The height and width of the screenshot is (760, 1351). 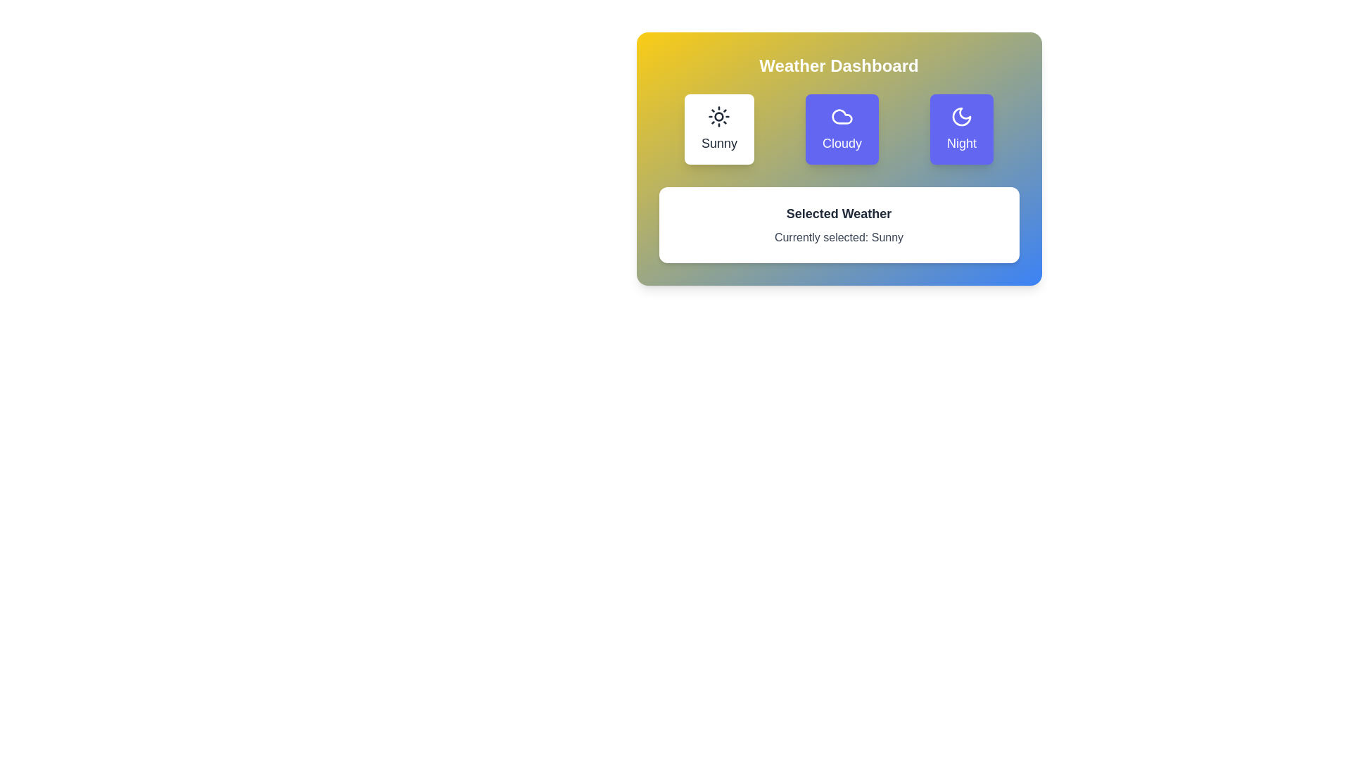 What do you see at coordinates (842, 115) in the screenshot?
I see `the cloud-shaped icon` at bounding box center [842, 115].